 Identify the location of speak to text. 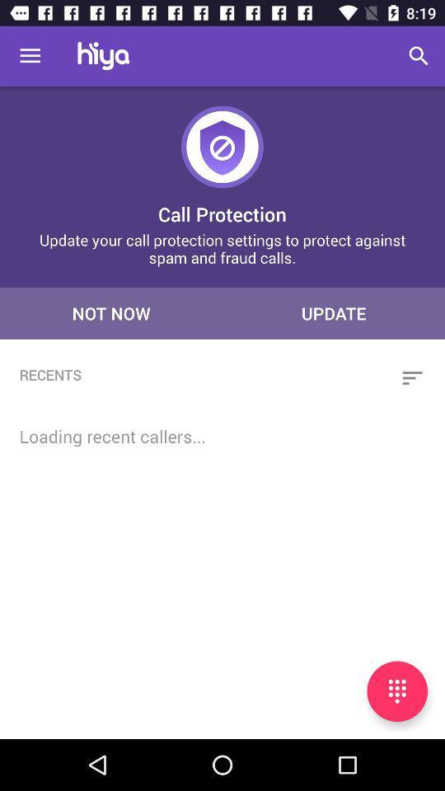
(396, 691).